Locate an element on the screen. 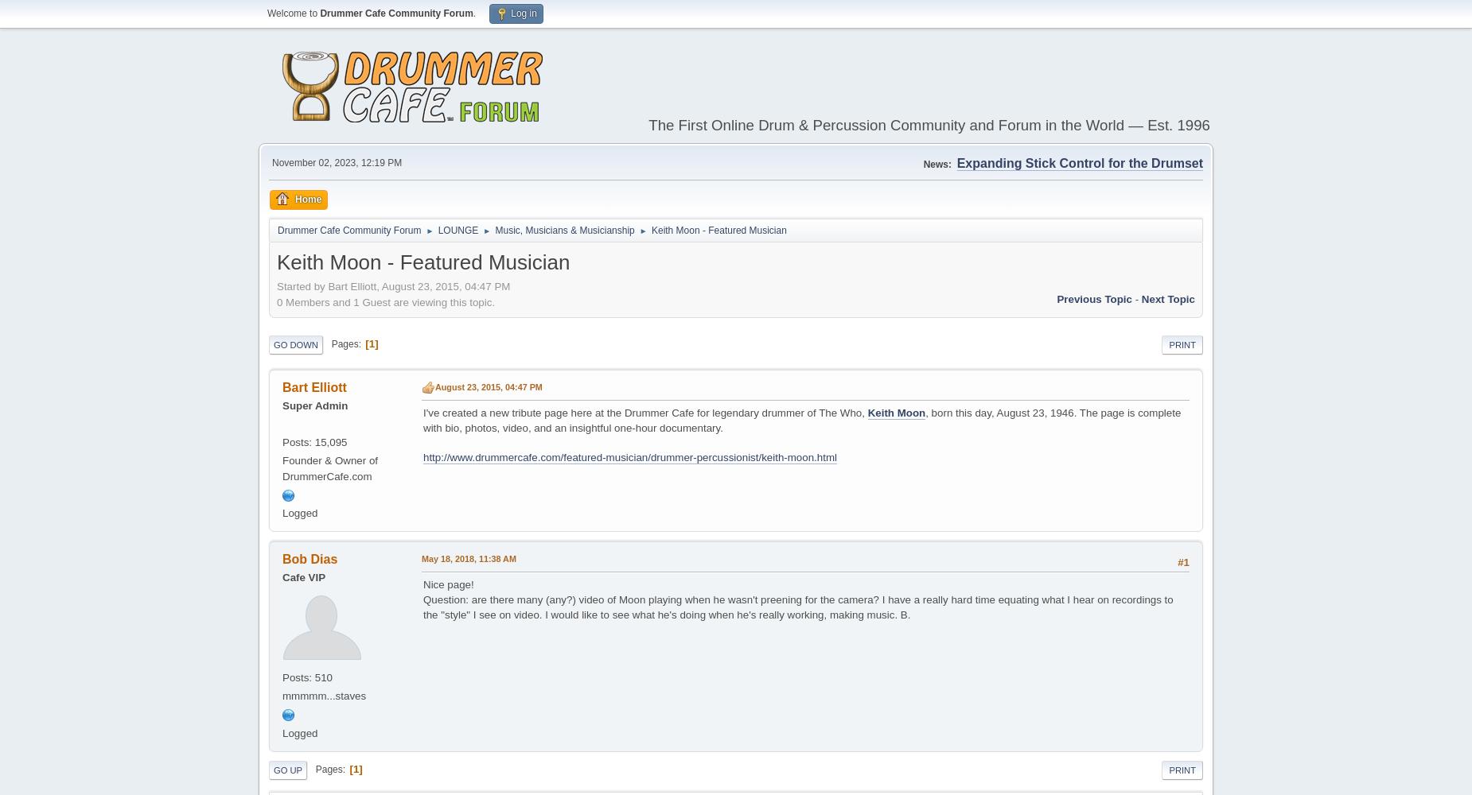 The image size is (1472, 795). 'News:' is located at coordinates (936, 163).